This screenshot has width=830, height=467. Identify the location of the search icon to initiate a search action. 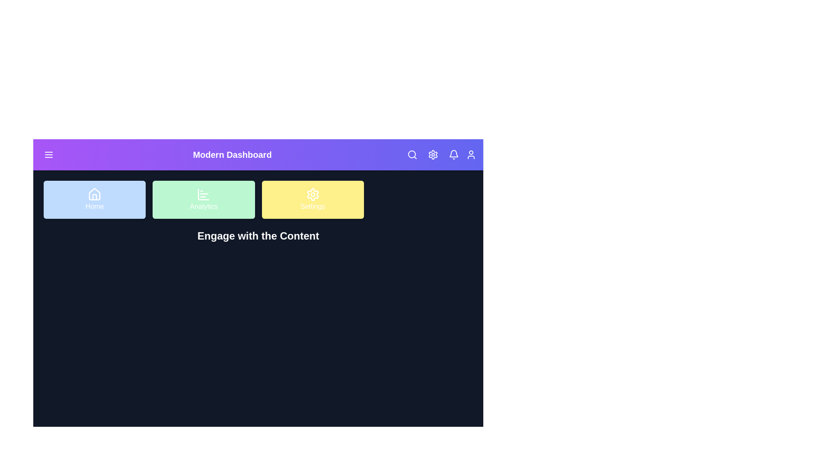
(412, 154).